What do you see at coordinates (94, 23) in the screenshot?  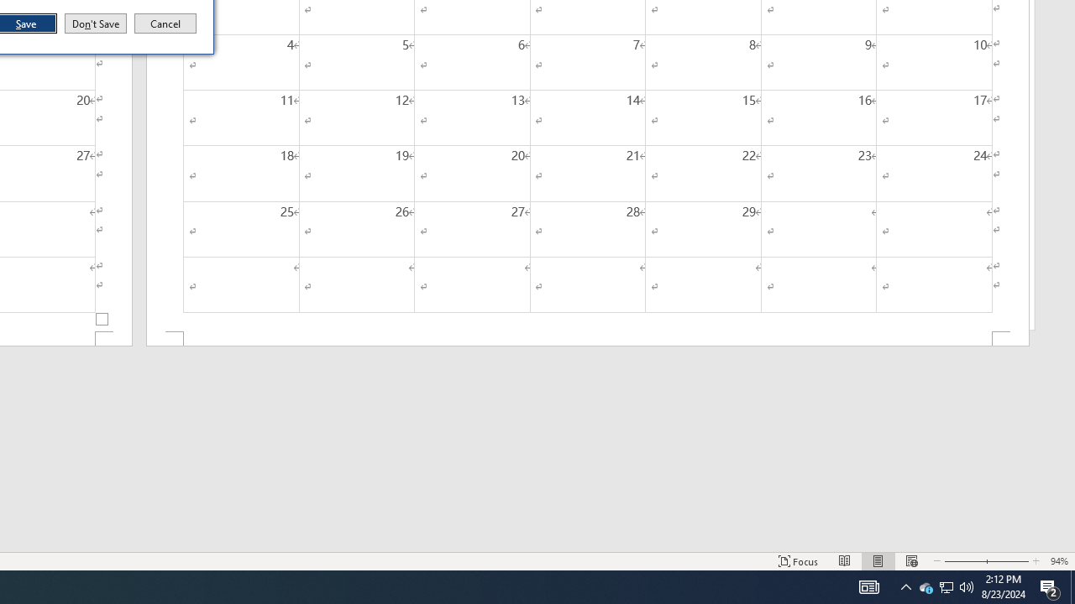 I see `'Don'` at bounding box center [94, 23].